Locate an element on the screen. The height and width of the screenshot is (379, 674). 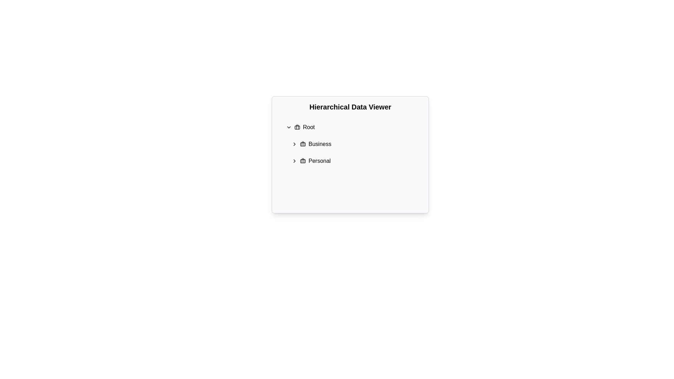
the graphical detail of the briefcase icon representing the main body or compartment within the 'Personal' node of the hierarchical data viewer is located at coordinates (303, 161).